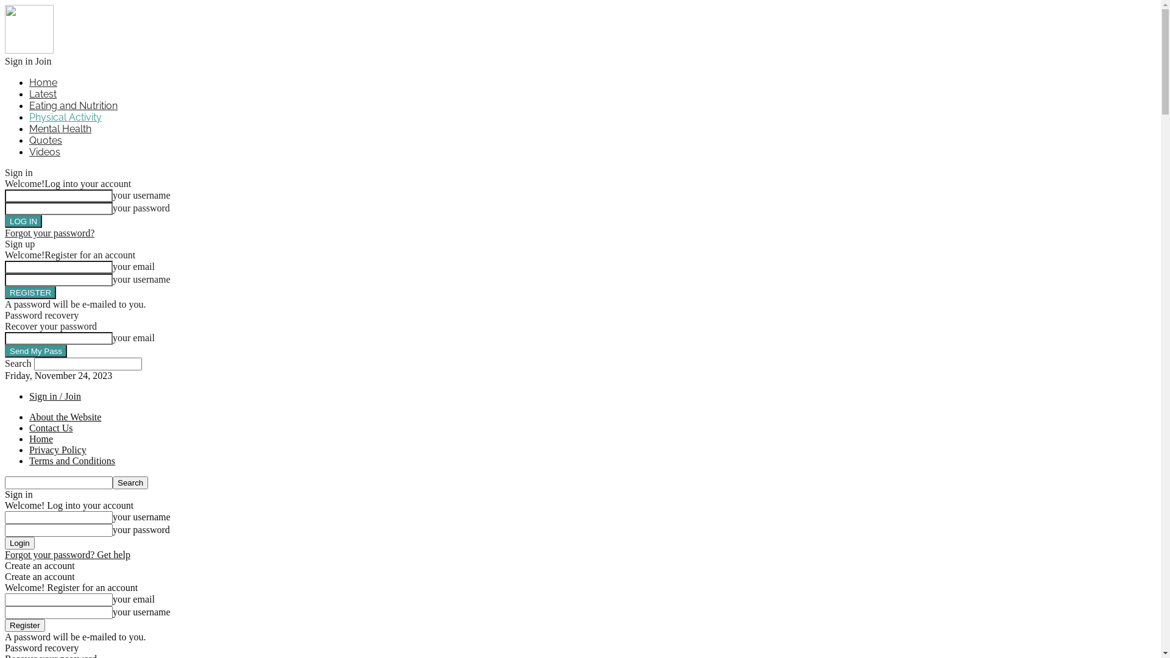  Describe the element at coordinates (50, 427) in the screenshot. I see `'Contact Us'` at that location.